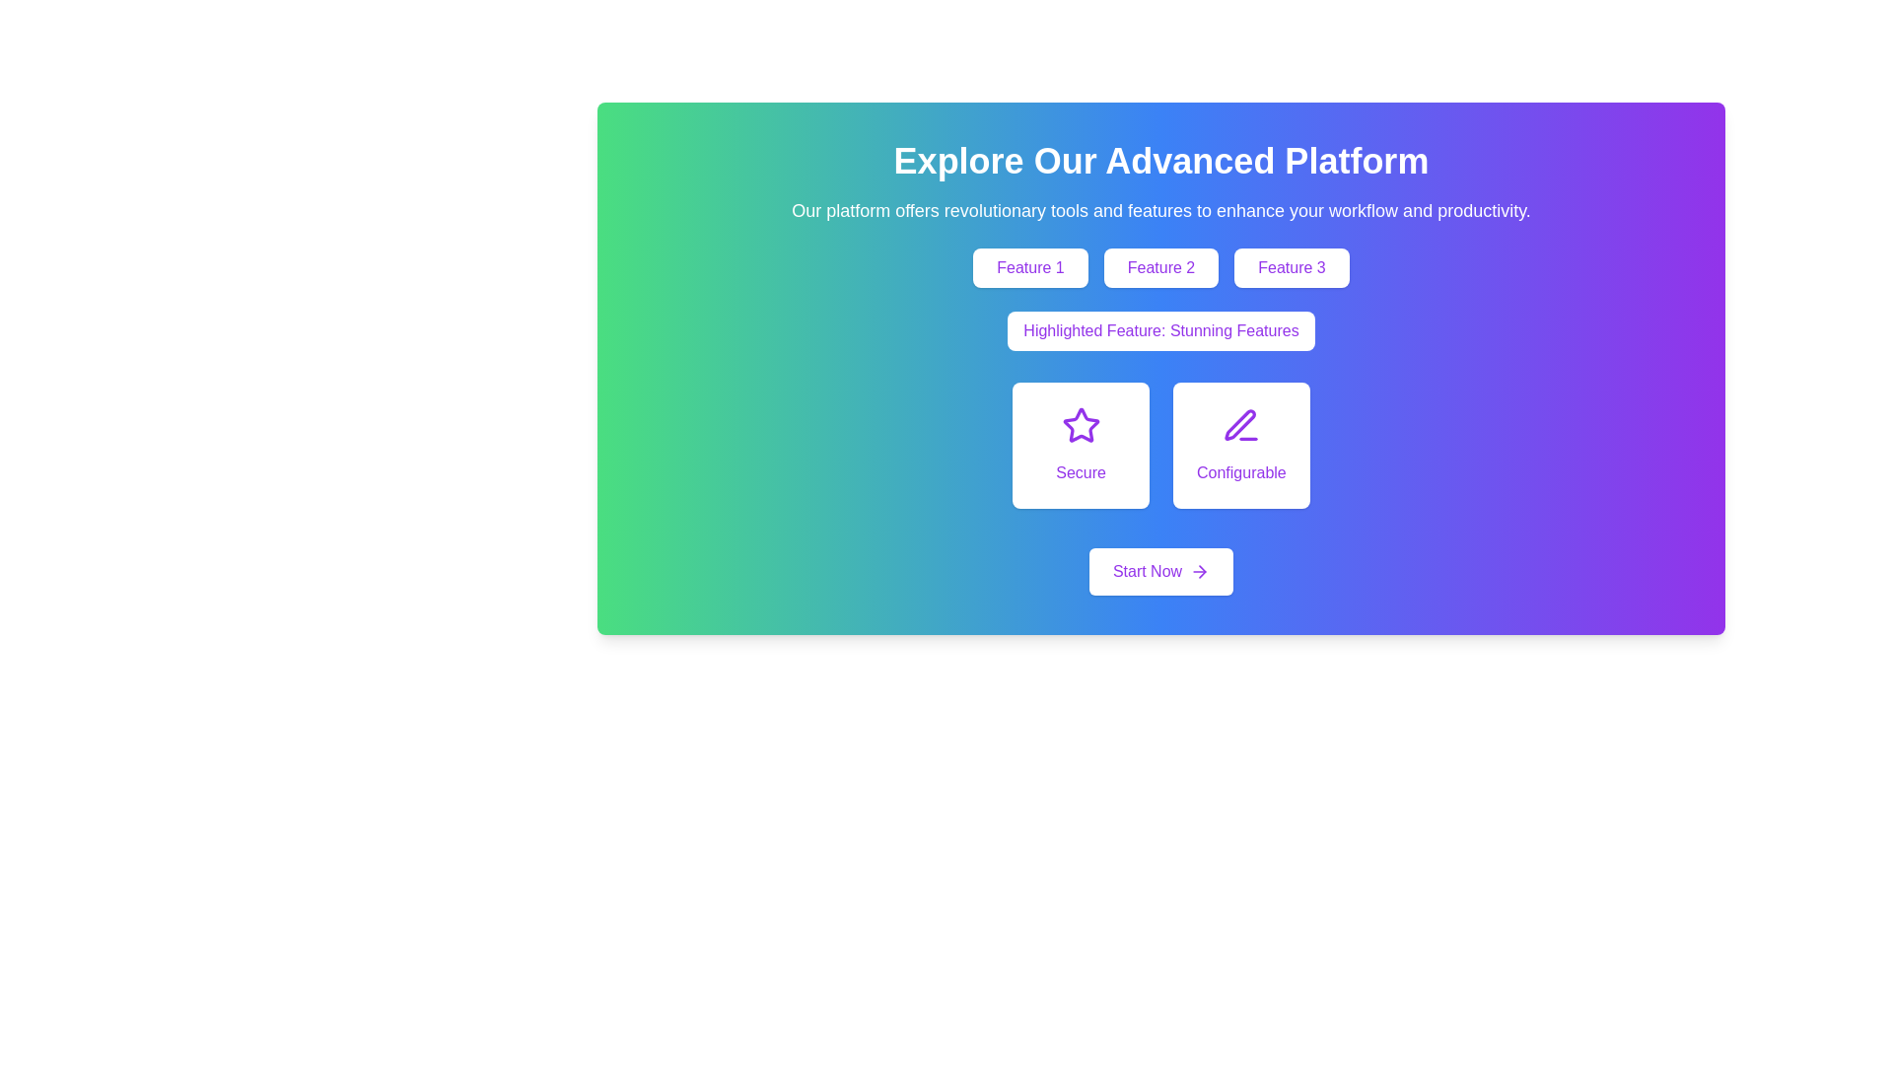  Describe the element at coordinates (1080, 472) in the screenshot. I see `the static text label reading 'Secure', which is styled in purple and located below the star icon` at that location.